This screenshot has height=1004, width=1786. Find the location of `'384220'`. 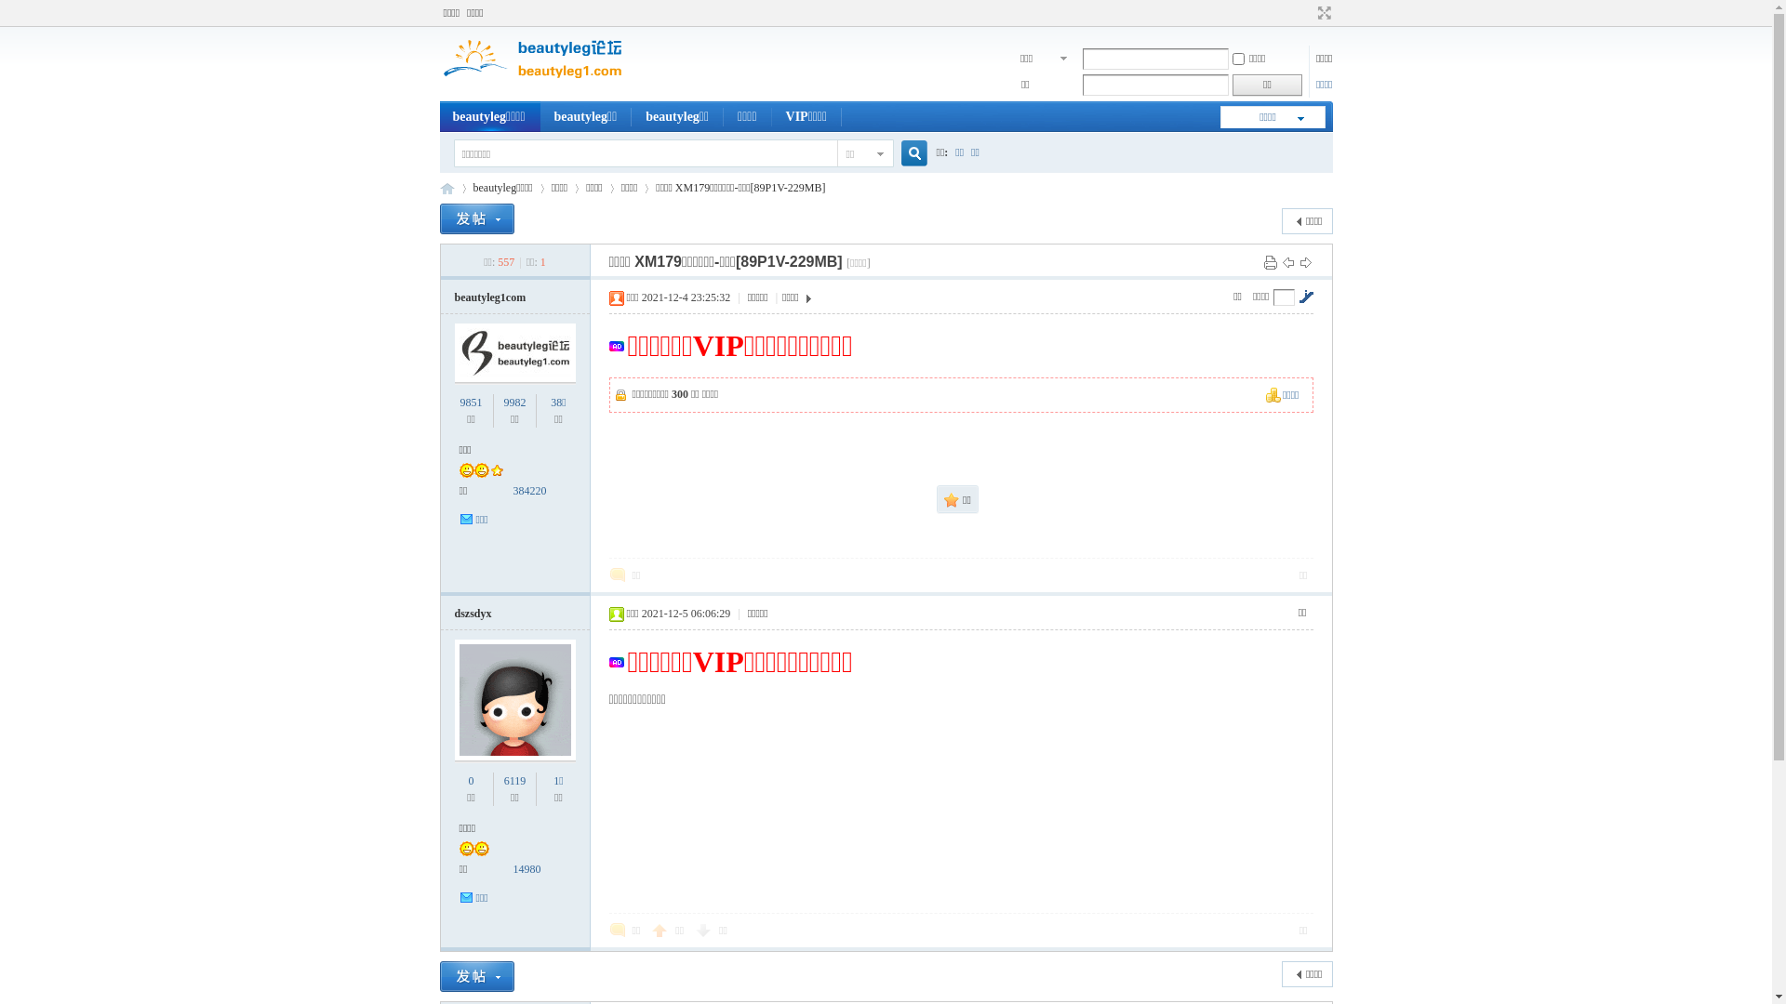

'384220' is located at coordinates (529, 490).